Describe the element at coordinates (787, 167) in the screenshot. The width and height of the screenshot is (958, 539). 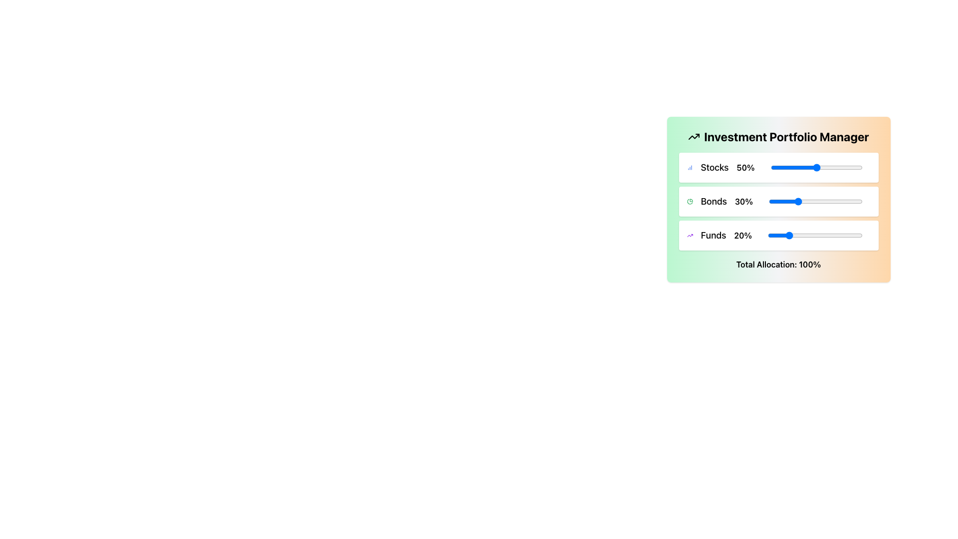
I see `the allocation percentage of the Stocks slider` at that location.